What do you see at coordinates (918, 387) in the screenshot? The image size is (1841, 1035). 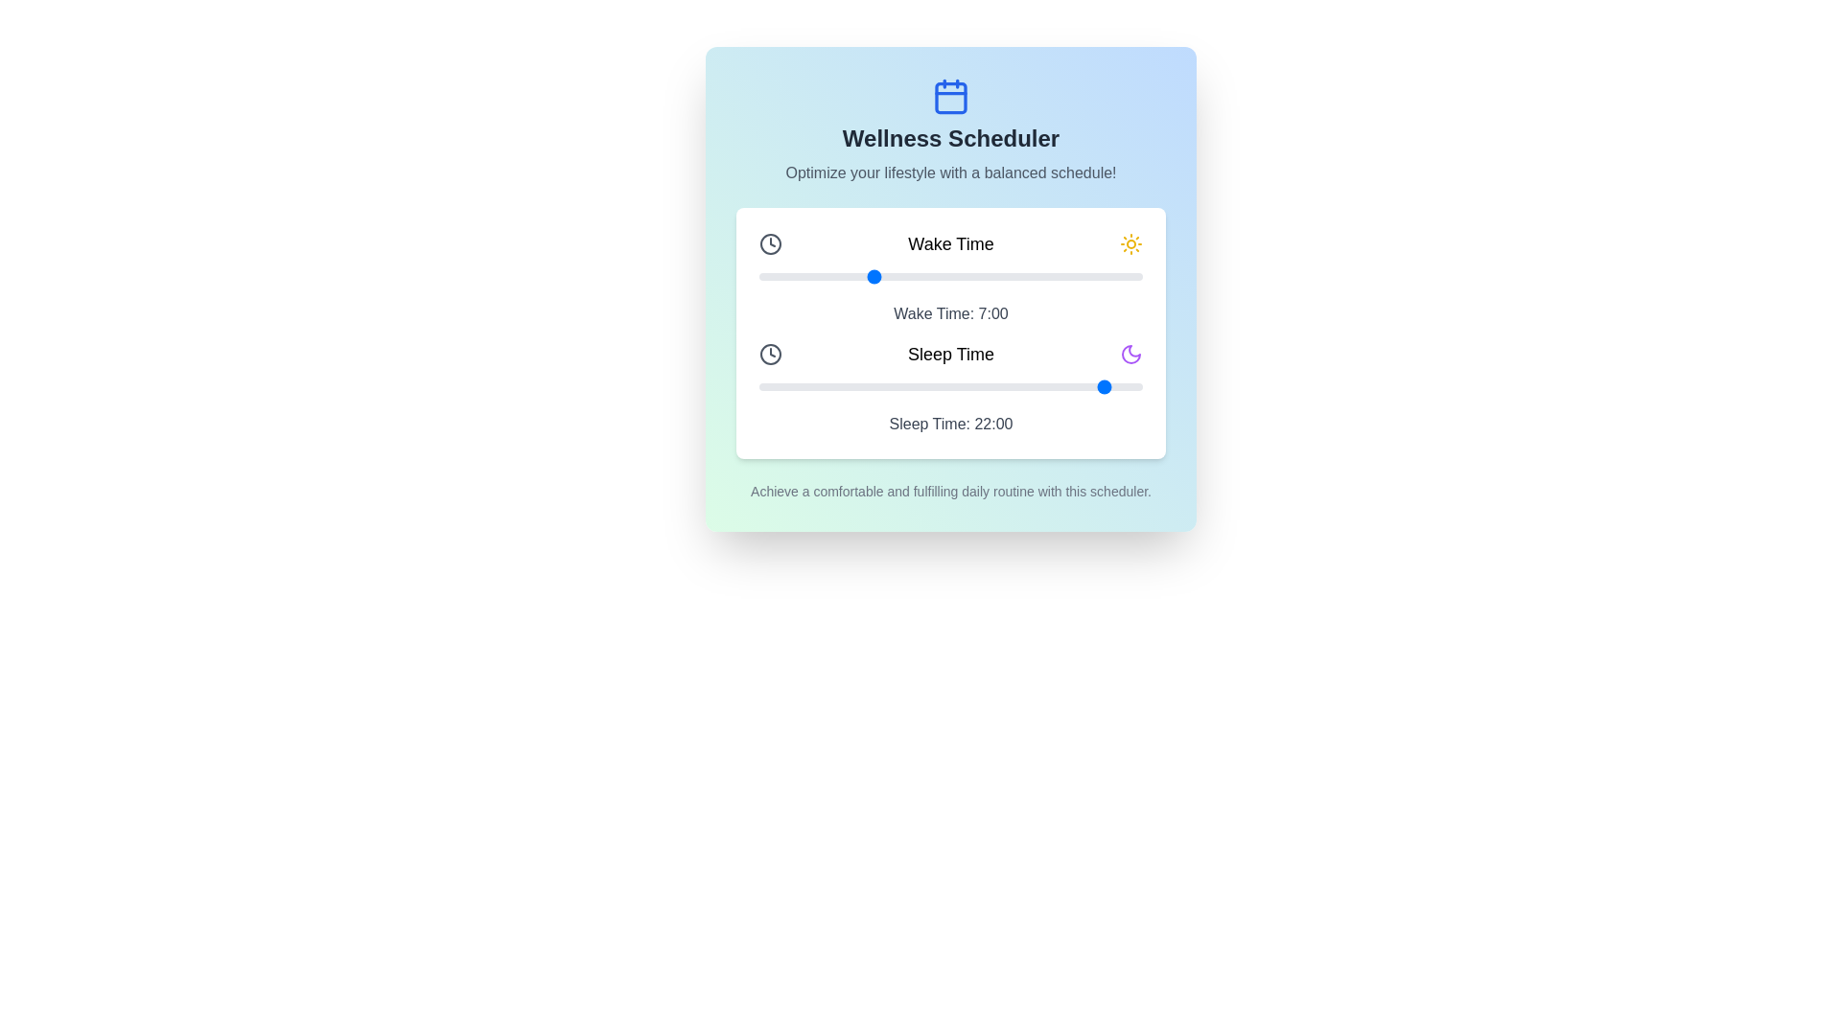 I see `the time` at bounding box center [918, 387].